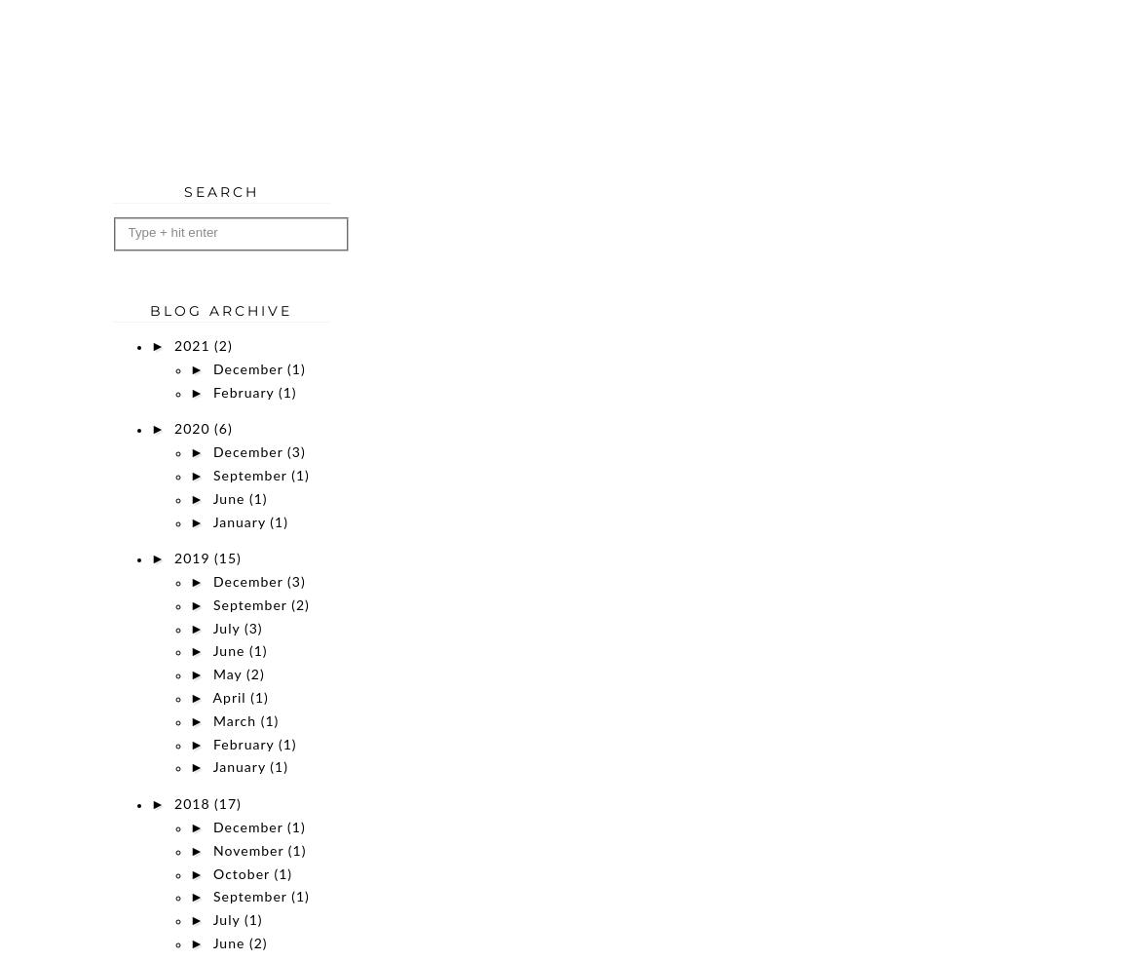  What do you see at coordinates (212, 850) in the screenshot?
I see `'November'` at bounding box center [212, 850].